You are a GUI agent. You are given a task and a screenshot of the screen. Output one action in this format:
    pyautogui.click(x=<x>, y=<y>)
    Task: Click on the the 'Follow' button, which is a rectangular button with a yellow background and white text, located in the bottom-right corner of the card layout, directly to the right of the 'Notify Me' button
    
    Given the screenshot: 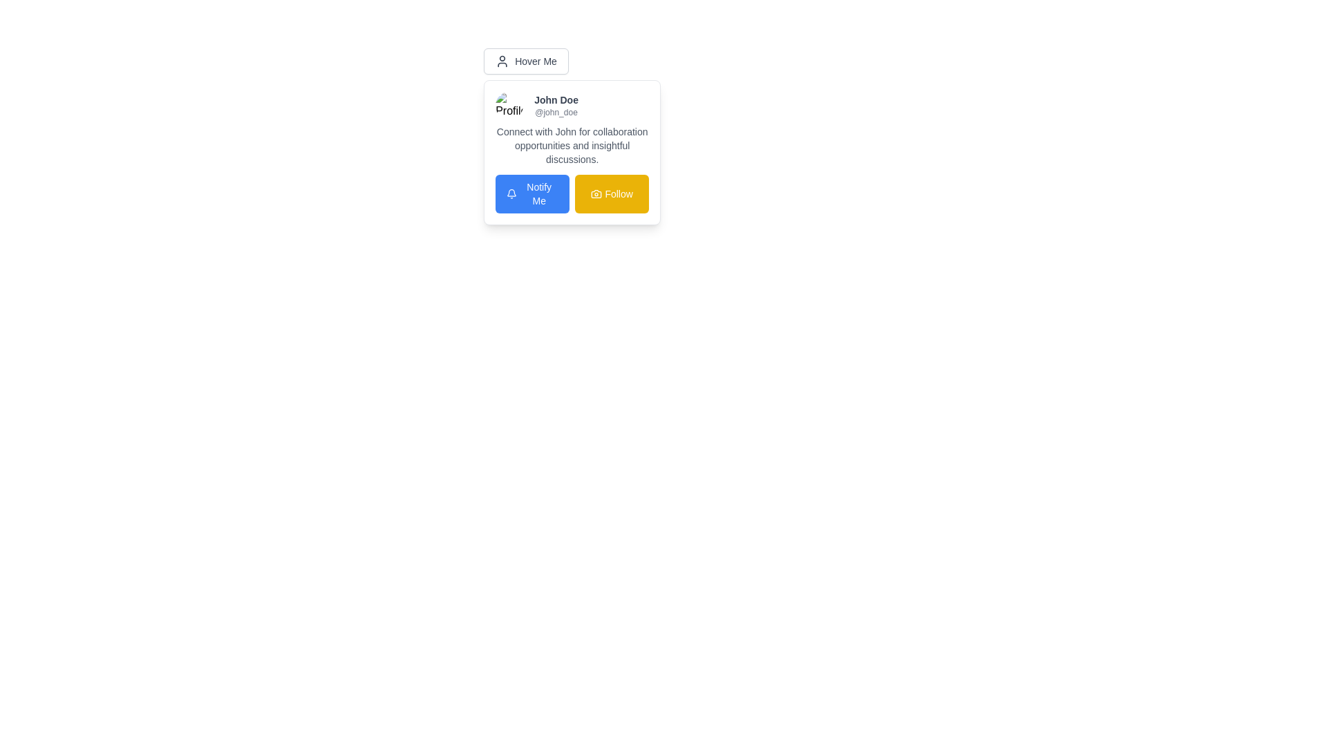 What is the action you would take?
    pyautogui.click(x=611, y=194)
    